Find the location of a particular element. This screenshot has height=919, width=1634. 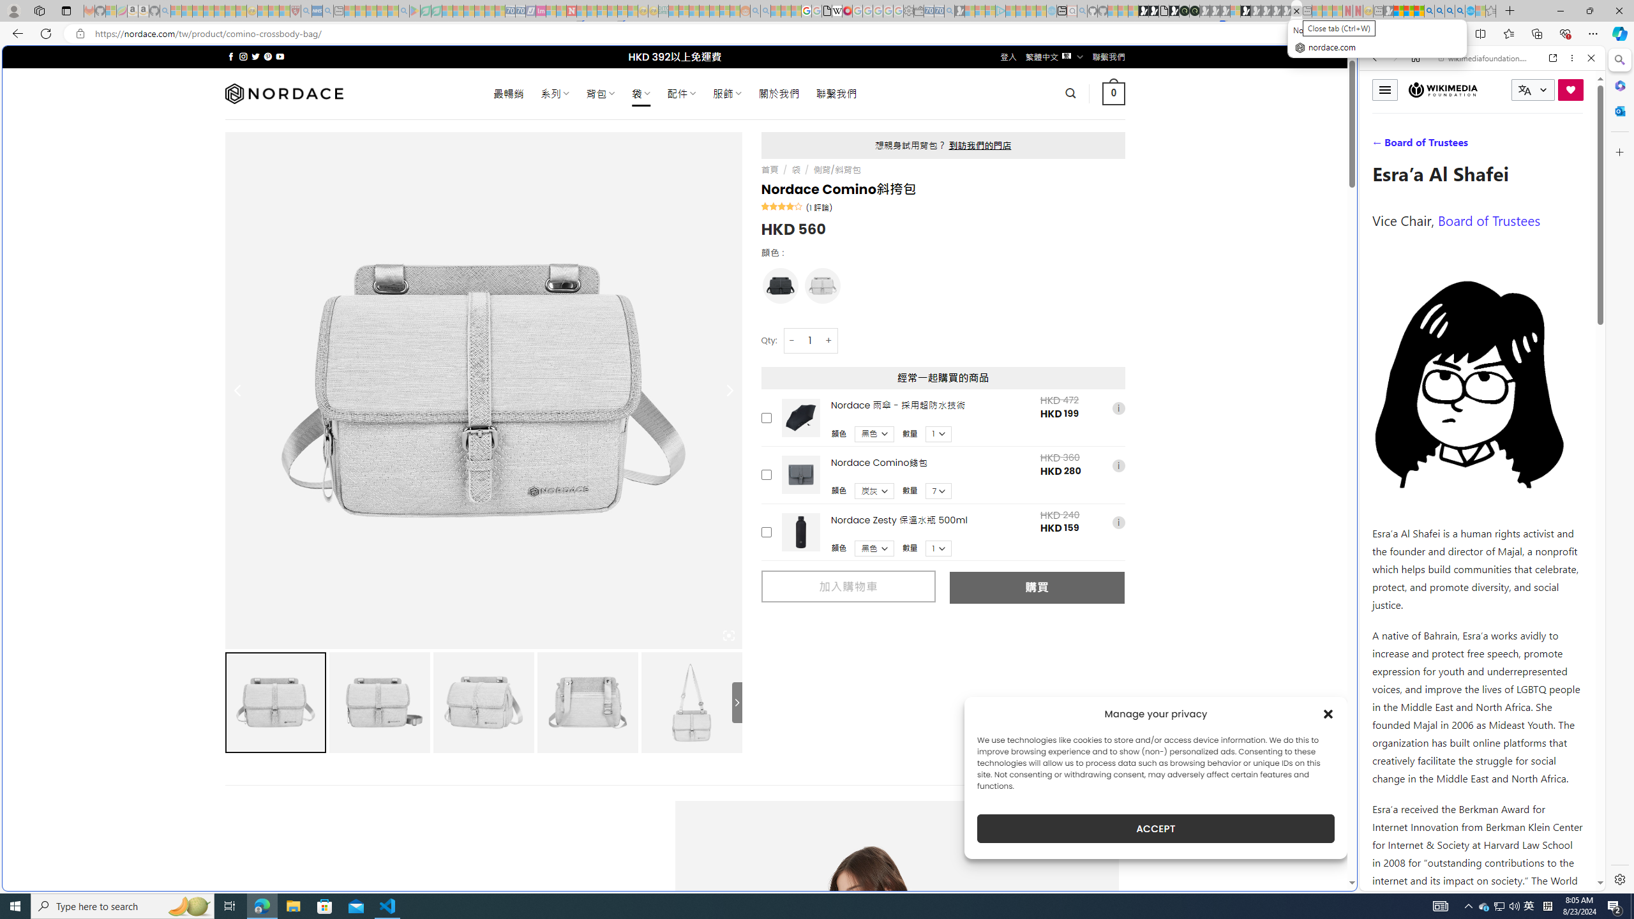

'Search' is located at coordinates (1618, 59).